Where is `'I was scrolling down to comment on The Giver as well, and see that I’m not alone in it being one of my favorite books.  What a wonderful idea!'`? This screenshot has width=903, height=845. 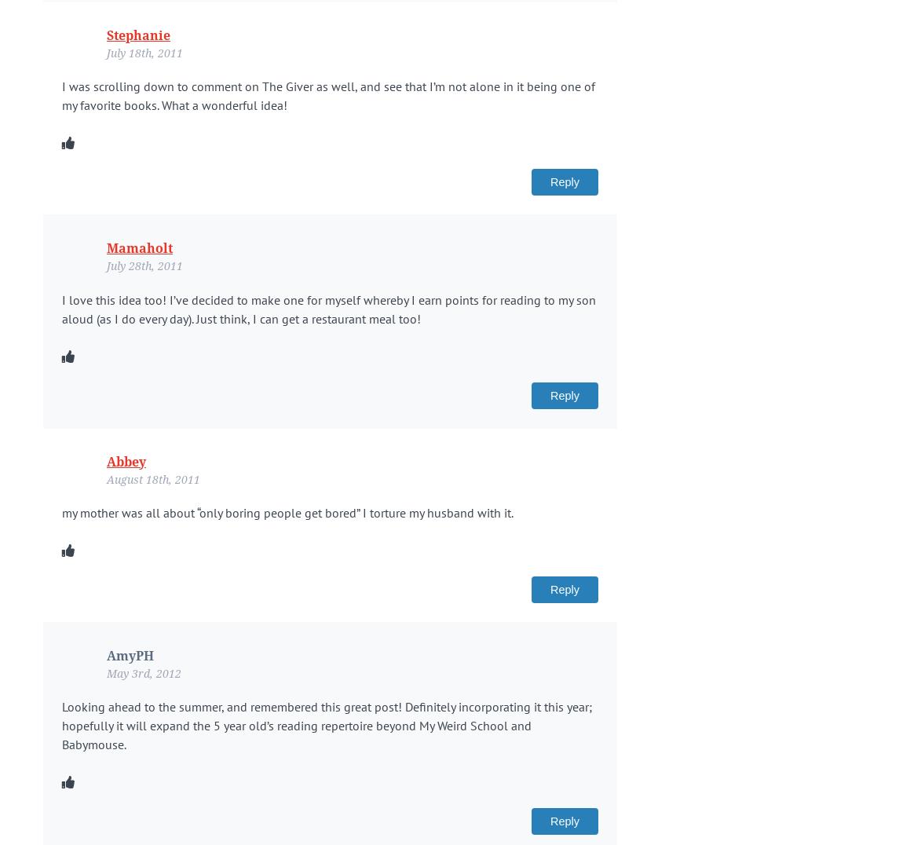
'I was scrolling down to comment on The Giver as well, and see that I’m not alone in it being one of my favorite books.  What a wonderful idea!' is located at coordinates (328, 95).